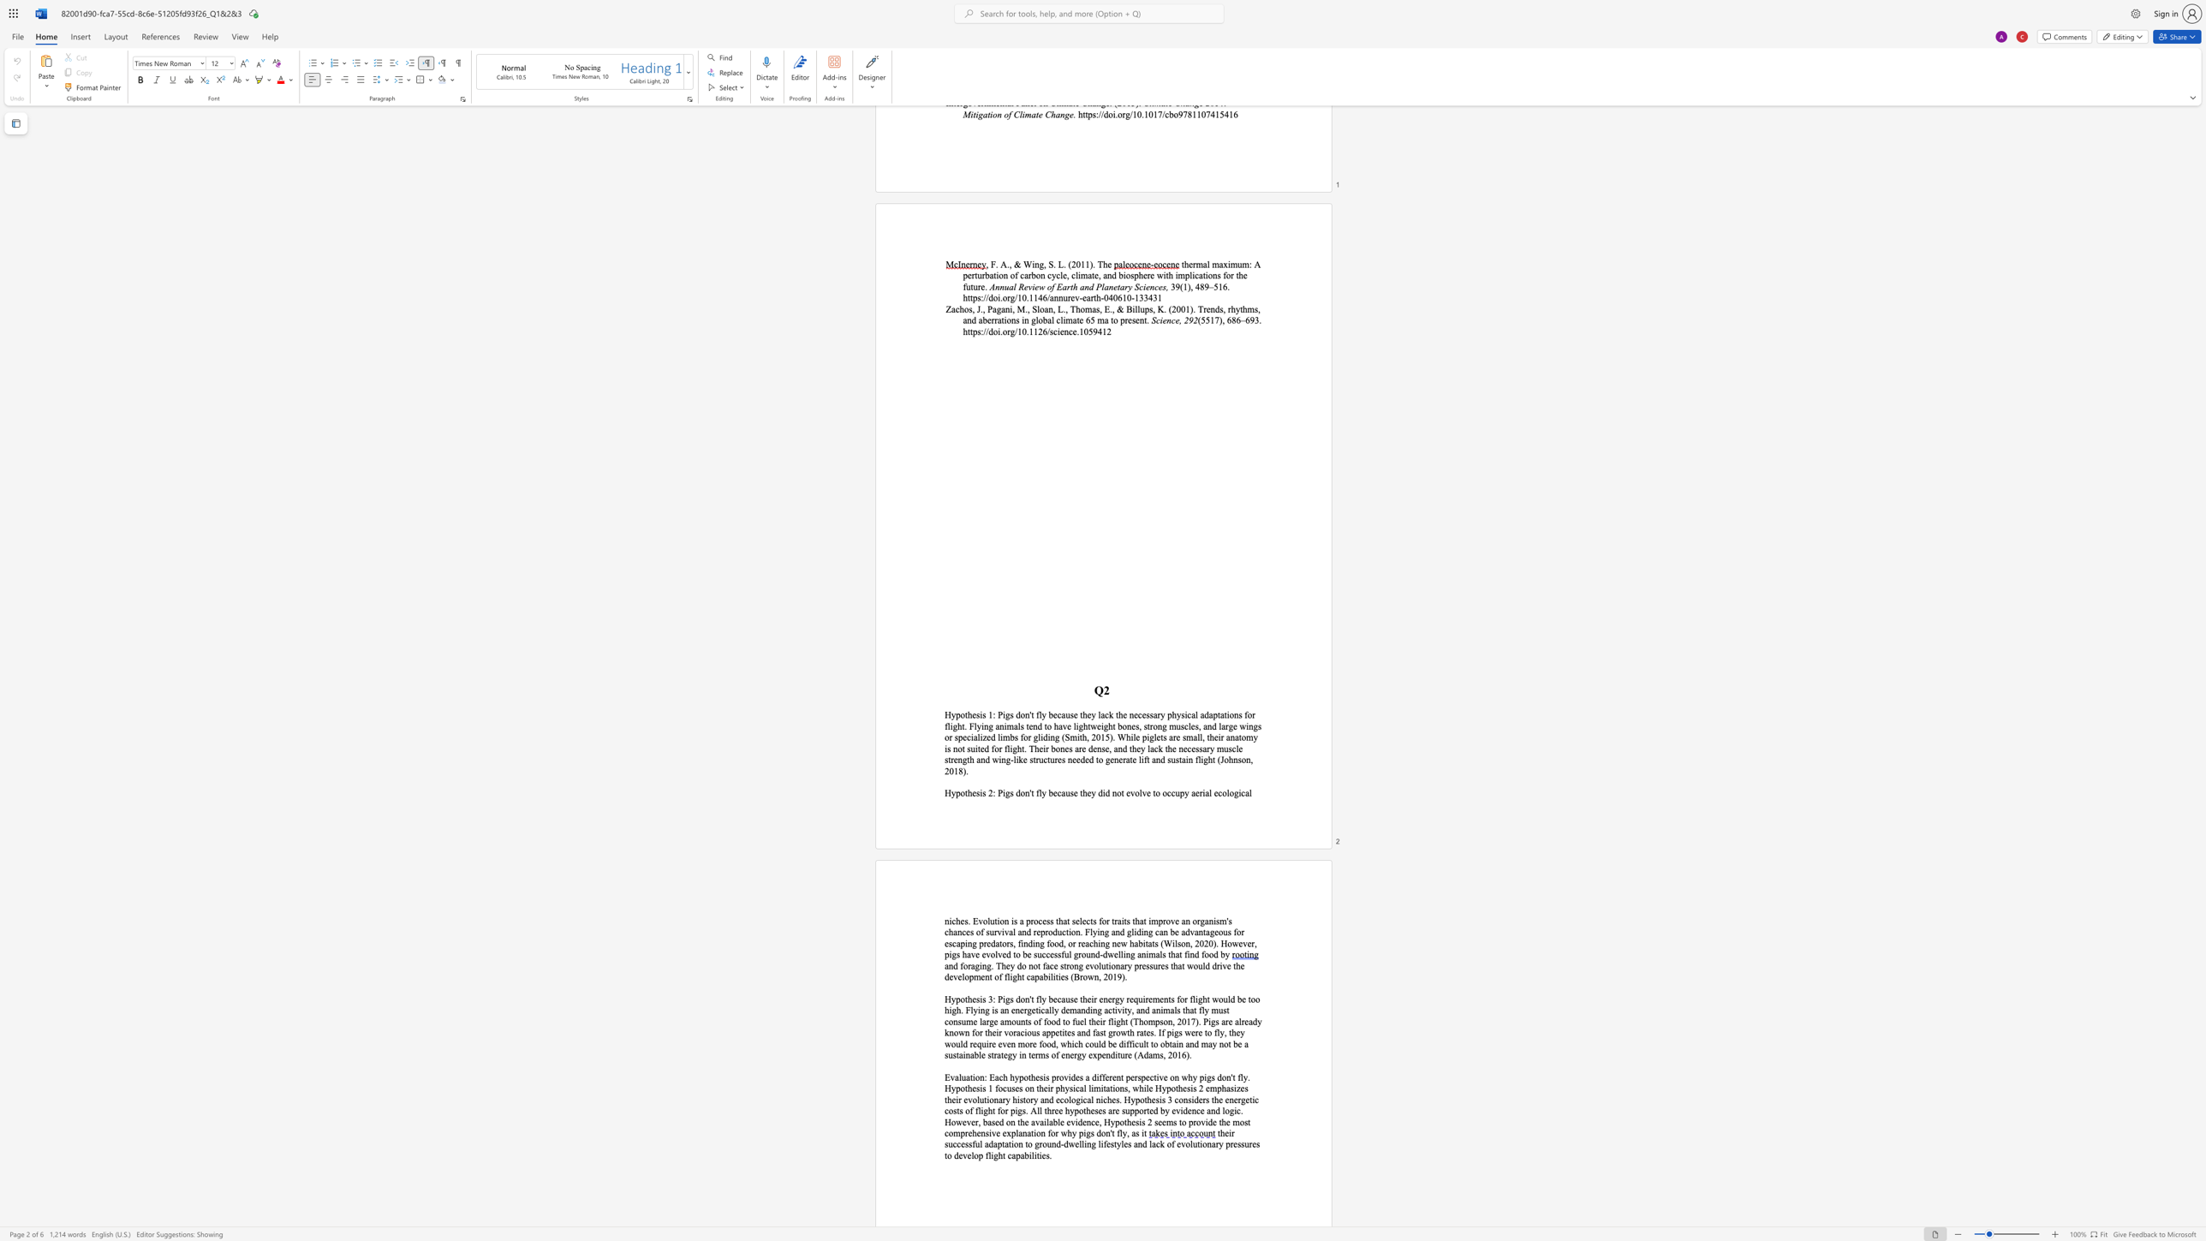 The height and width of the screenshot is (1241, 2206). What do you see at coordinates (963, 715) in the screenshot?
I see `the 1th character "o" in the text` at bounding box center [963, 715].